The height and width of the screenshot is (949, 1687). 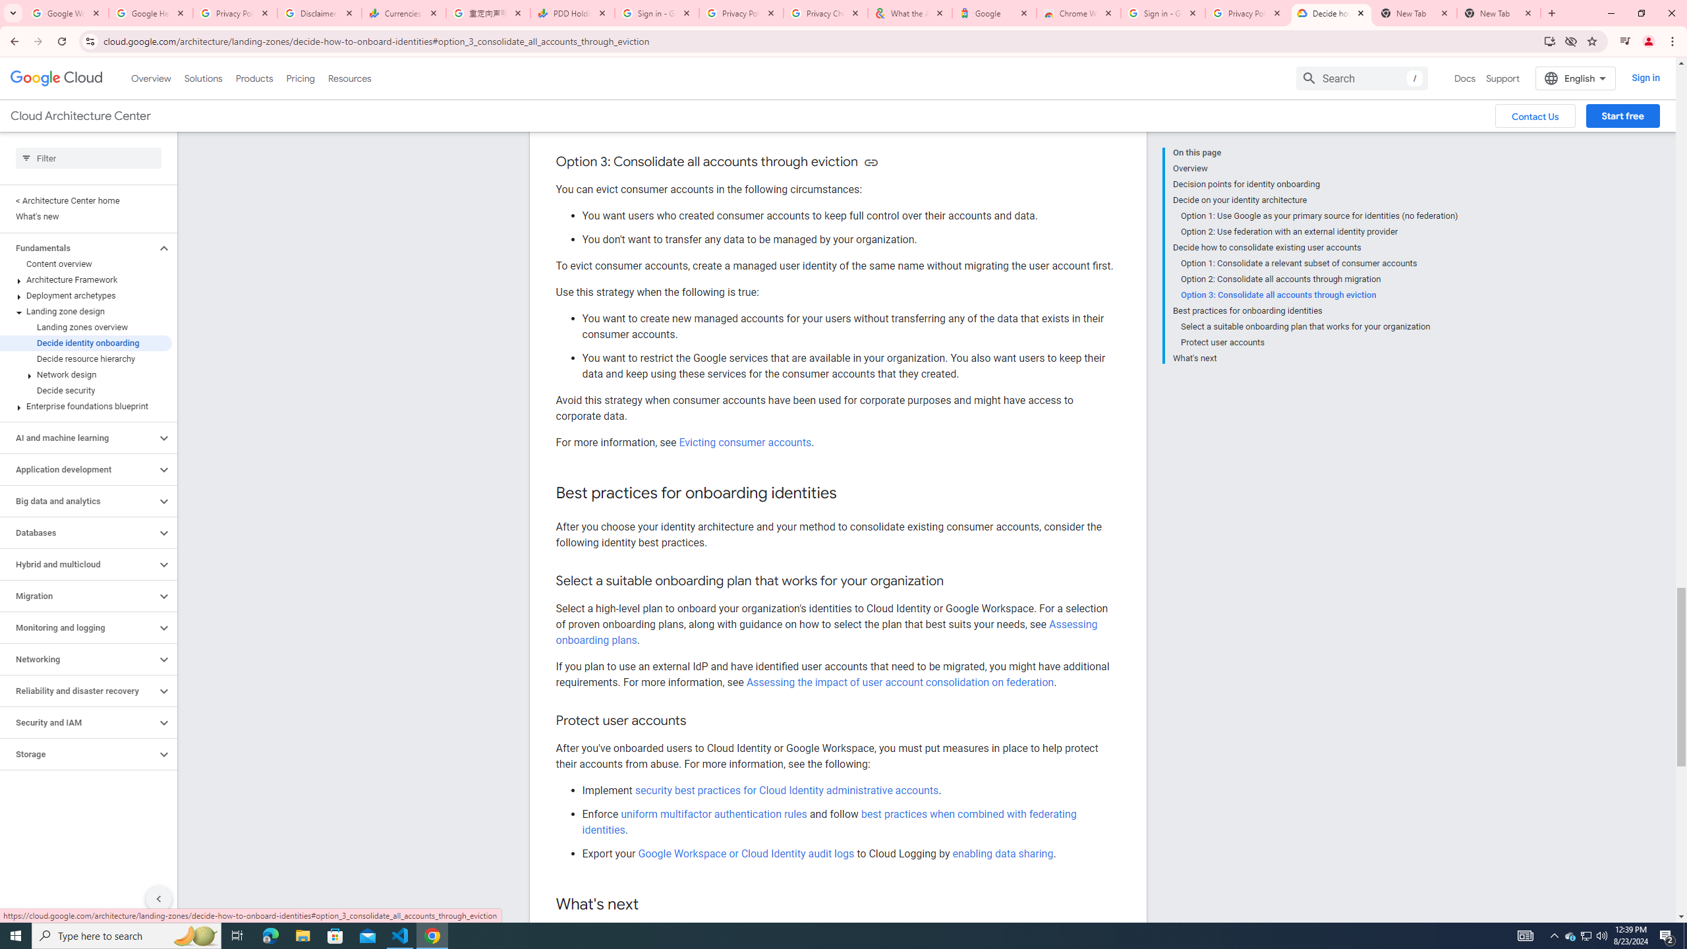 I want to click on 'Type to filter', so click(x=88, y=158).